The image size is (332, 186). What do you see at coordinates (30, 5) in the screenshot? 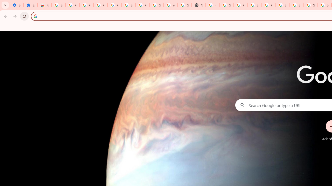
I see `'Extensions'` at bounding box center [30, 5].